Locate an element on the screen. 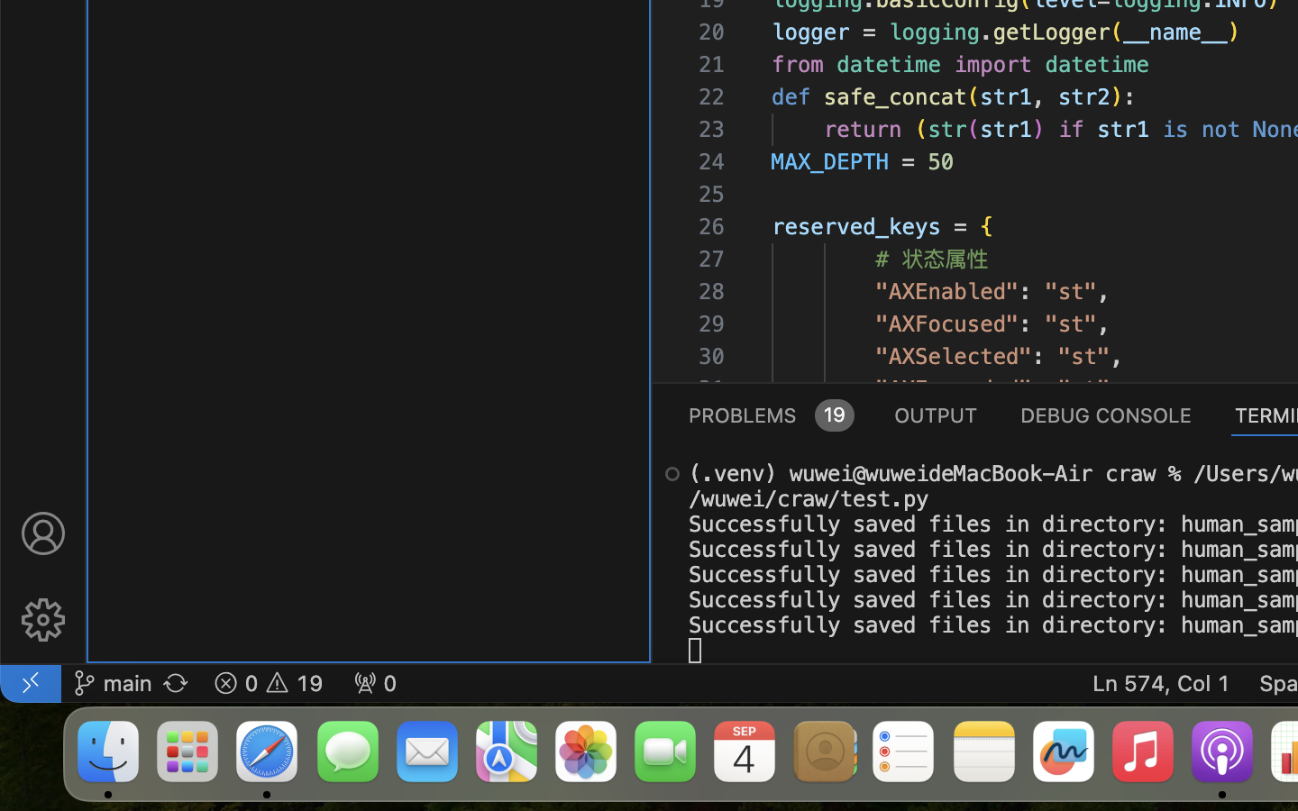  '0 DEBUG CONSOLE' is located at coordinates (1105, 413).